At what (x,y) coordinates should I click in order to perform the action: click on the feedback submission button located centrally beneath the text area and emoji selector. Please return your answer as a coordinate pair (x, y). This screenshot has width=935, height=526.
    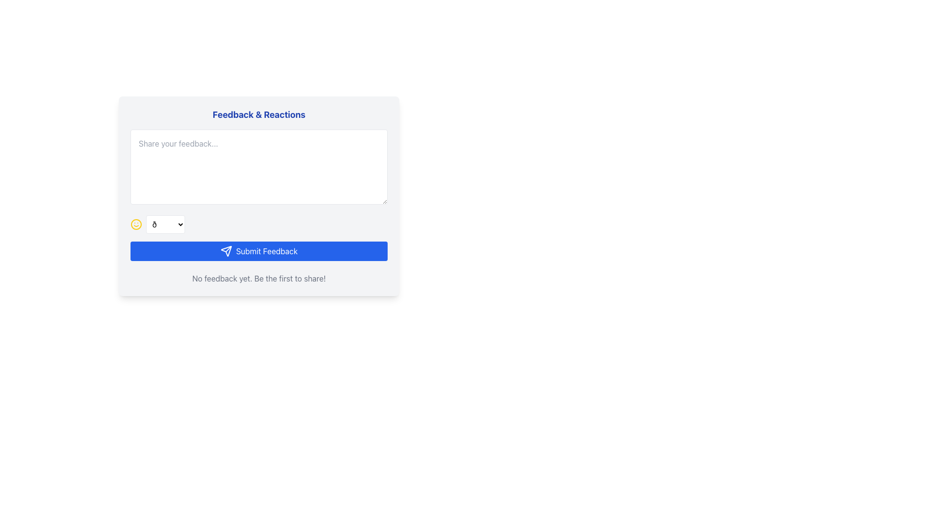
    Looking at the image, I should click on (259, 251).